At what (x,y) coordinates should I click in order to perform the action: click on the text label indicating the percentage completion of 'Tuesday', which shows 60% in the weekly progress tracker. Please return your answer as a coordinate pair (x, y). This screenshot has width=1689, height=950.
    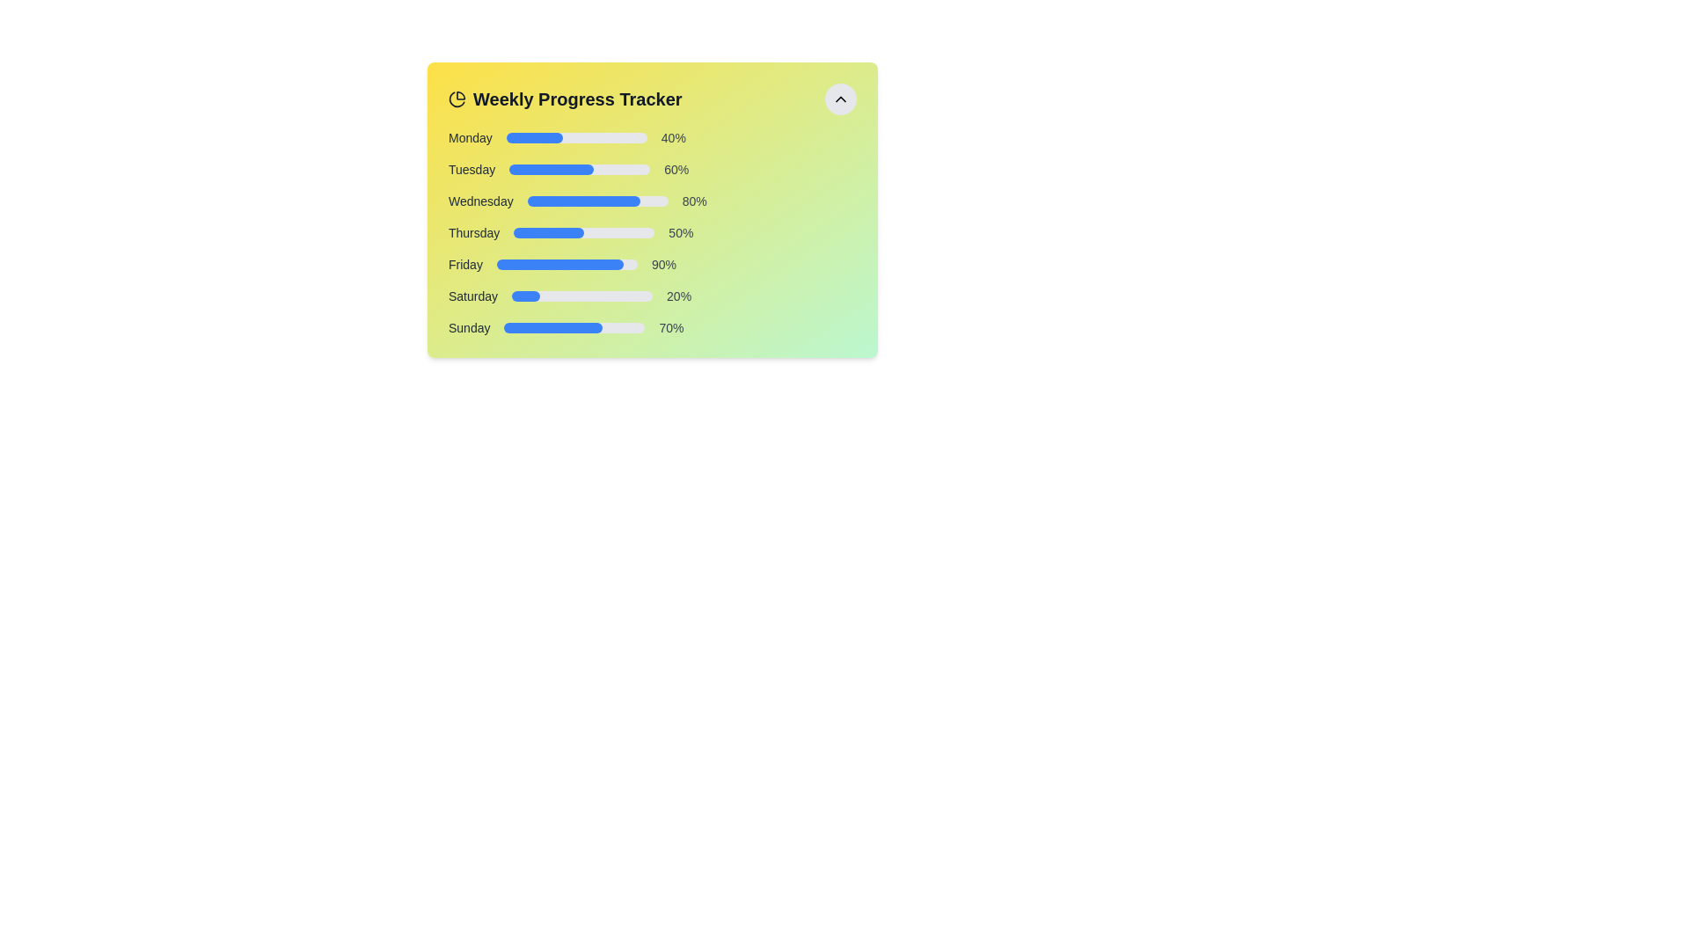
    Looking at the image, I should click on (676, 169).